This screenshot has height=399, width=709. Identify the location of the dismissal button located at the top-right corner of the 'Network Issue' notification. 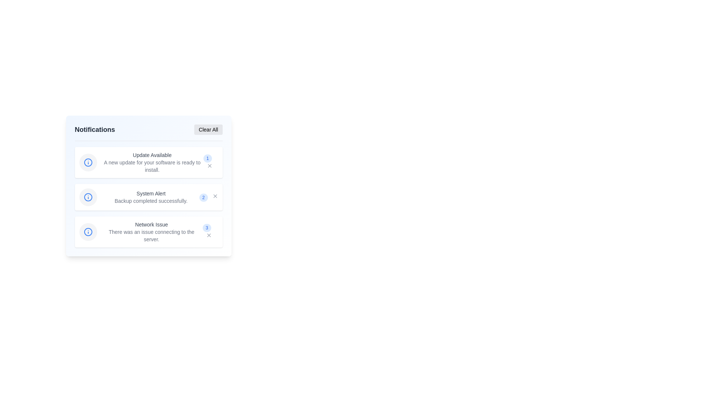
(209, 235).